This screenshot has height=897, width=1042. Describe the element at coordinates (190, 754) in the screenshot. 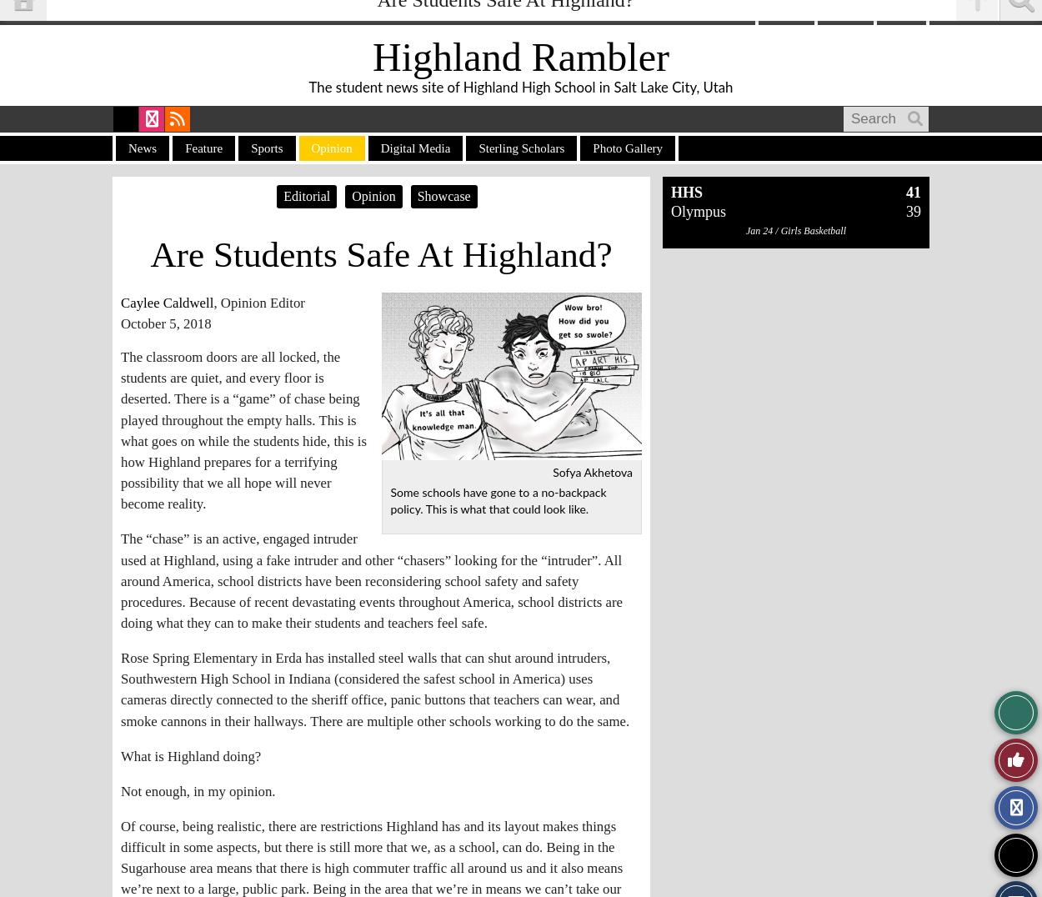

I see `'What is Highland doing?'` at that location.